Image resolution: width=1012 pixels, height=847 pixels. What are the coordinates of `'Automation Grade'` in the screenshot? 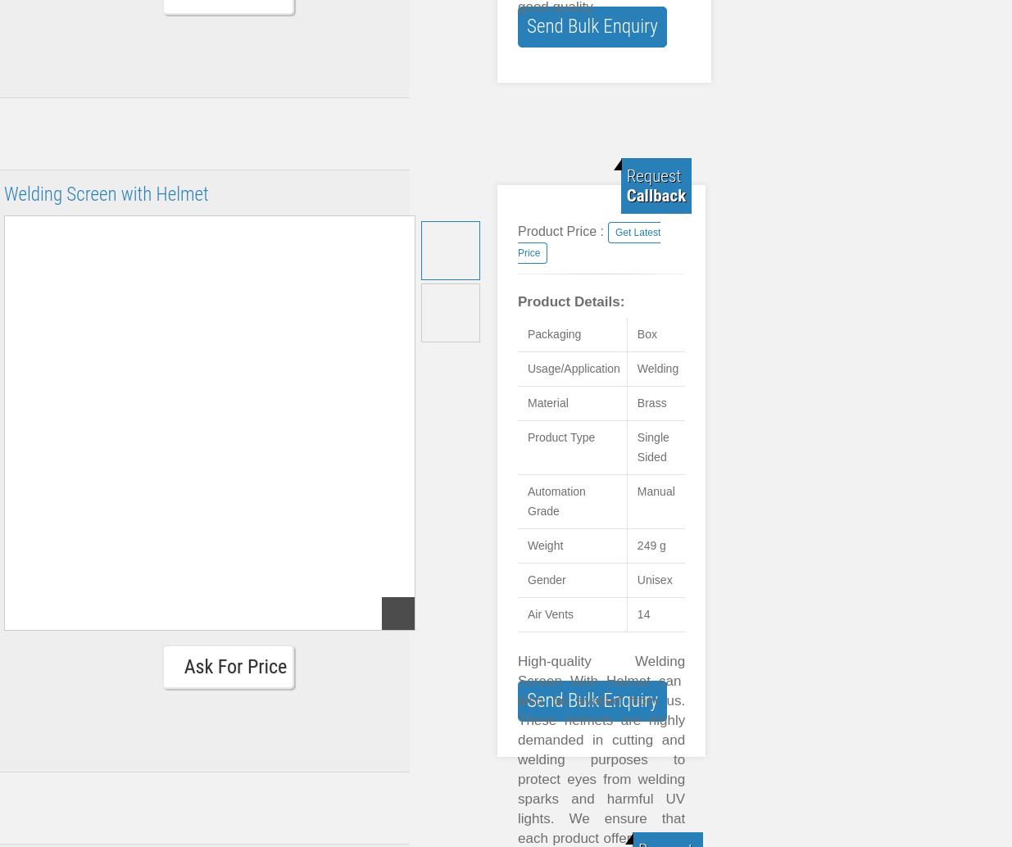 It's located at (556, 501).